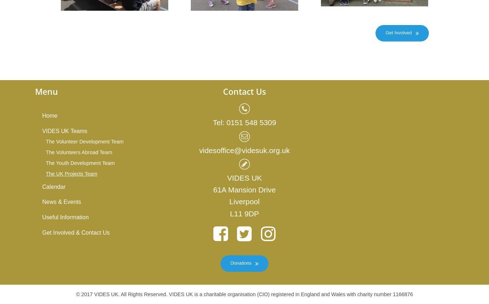 The width and height of the screenshot is (489, 304). Describe the element at coordinates (212, 122) in the screenshot. I see `'Tel: 0151 548 5309'` at that location.